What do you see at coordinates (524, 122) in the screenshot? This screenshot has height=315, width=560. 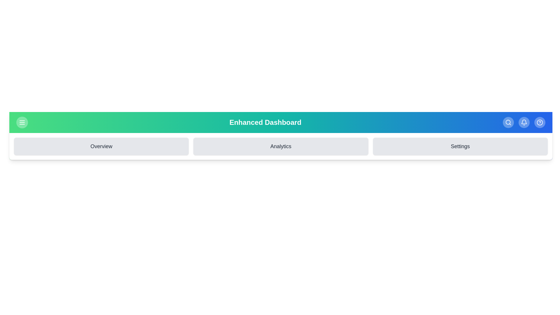 I see `the 'Bell' button to access notifications` at bounding box center [524, 122].